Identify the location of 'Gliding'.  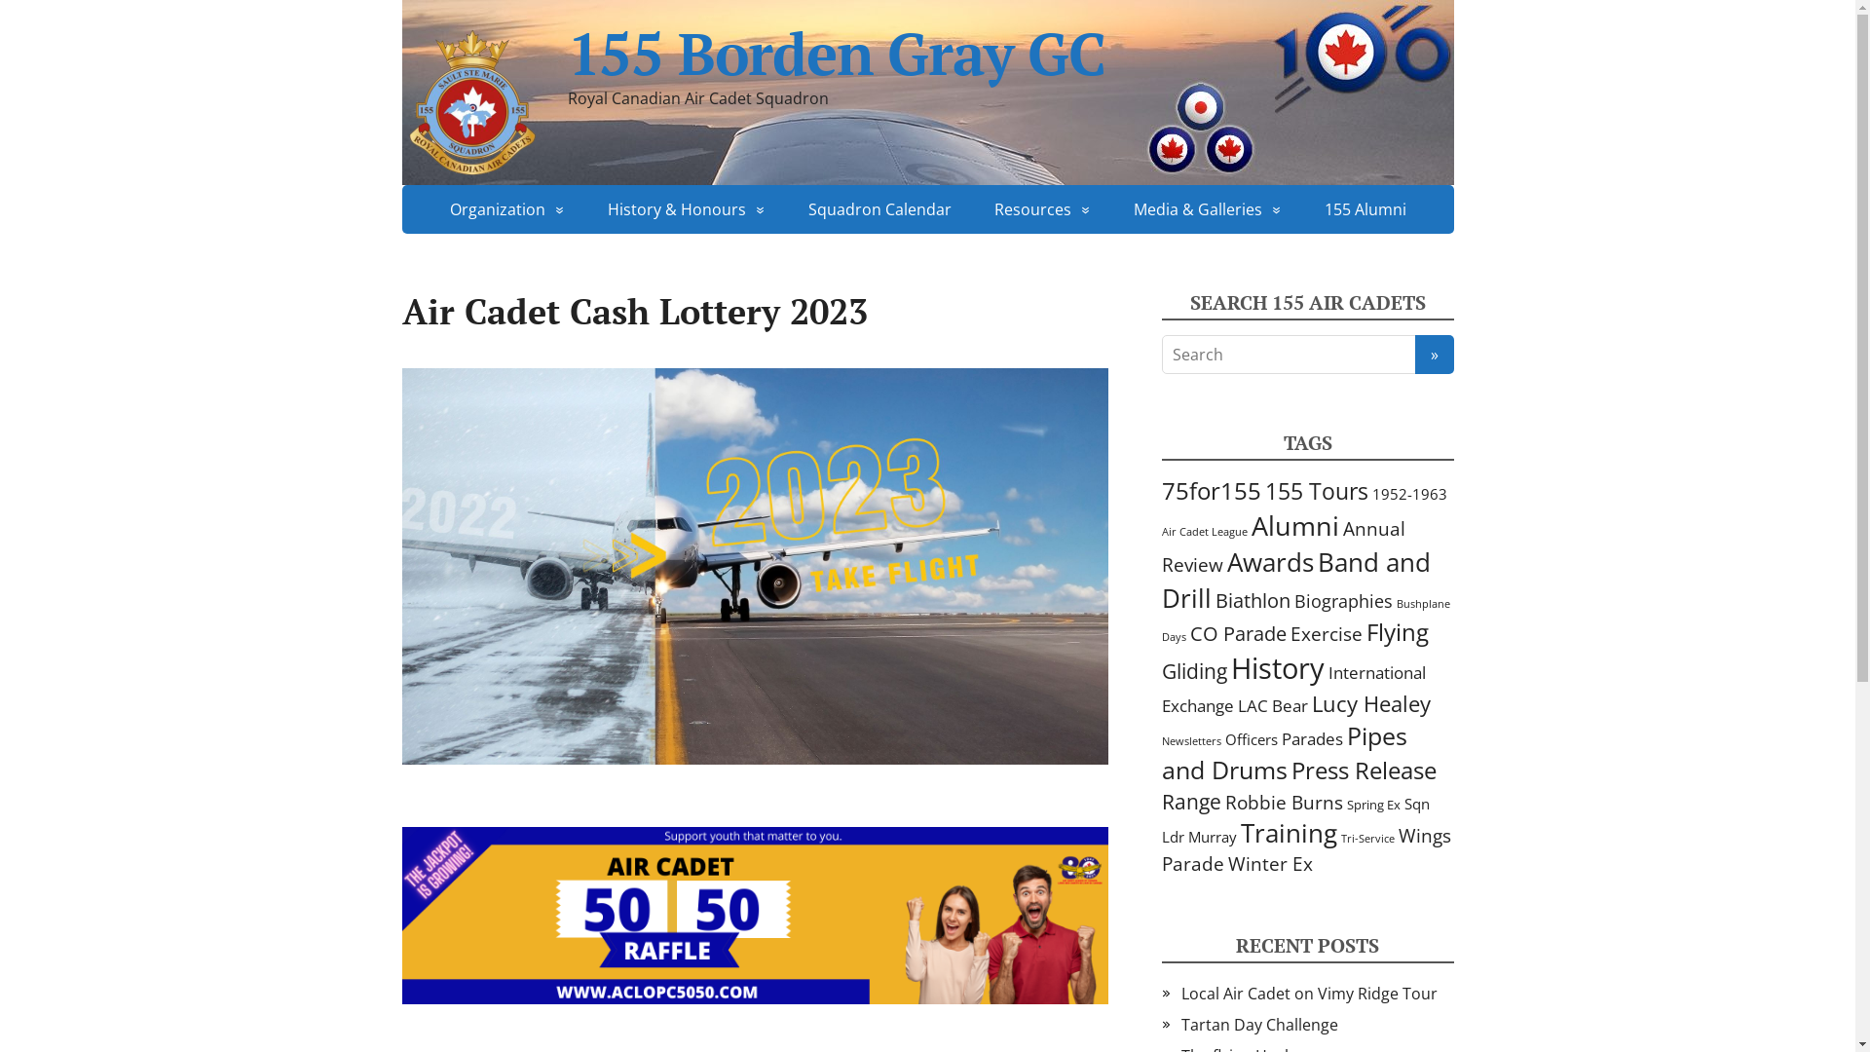
(1192, 669).